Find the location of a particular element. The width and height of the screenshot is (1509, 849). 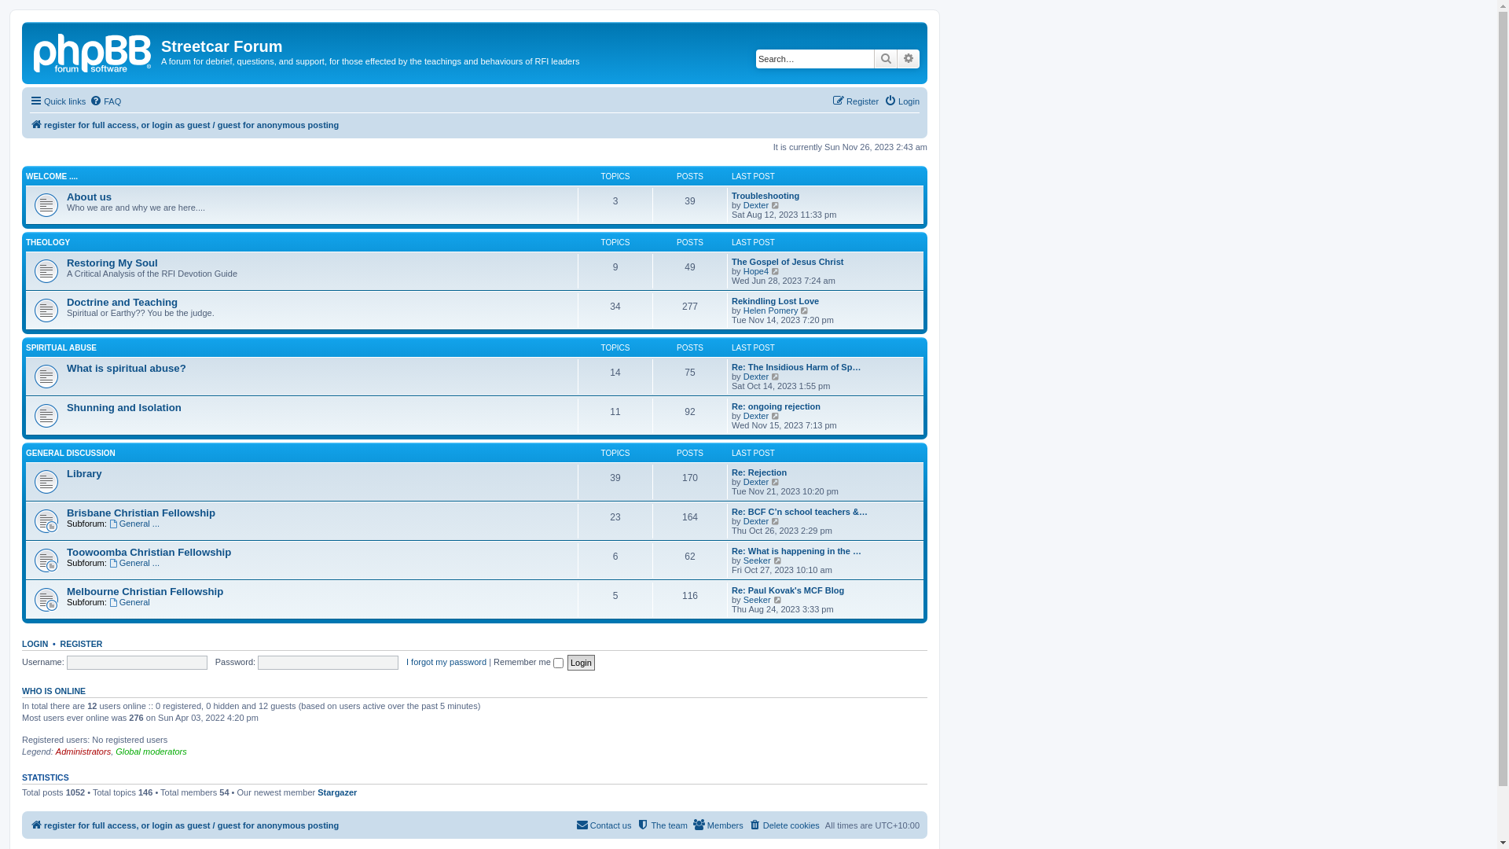

'Hope4' is located at coordinates (742, 270).